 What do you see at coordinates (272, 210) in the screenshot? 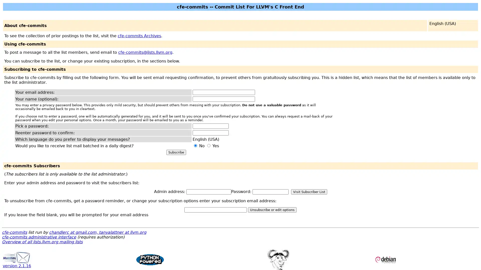
I see `Unsubscribe or edit options` at bounding box center [272, 210].